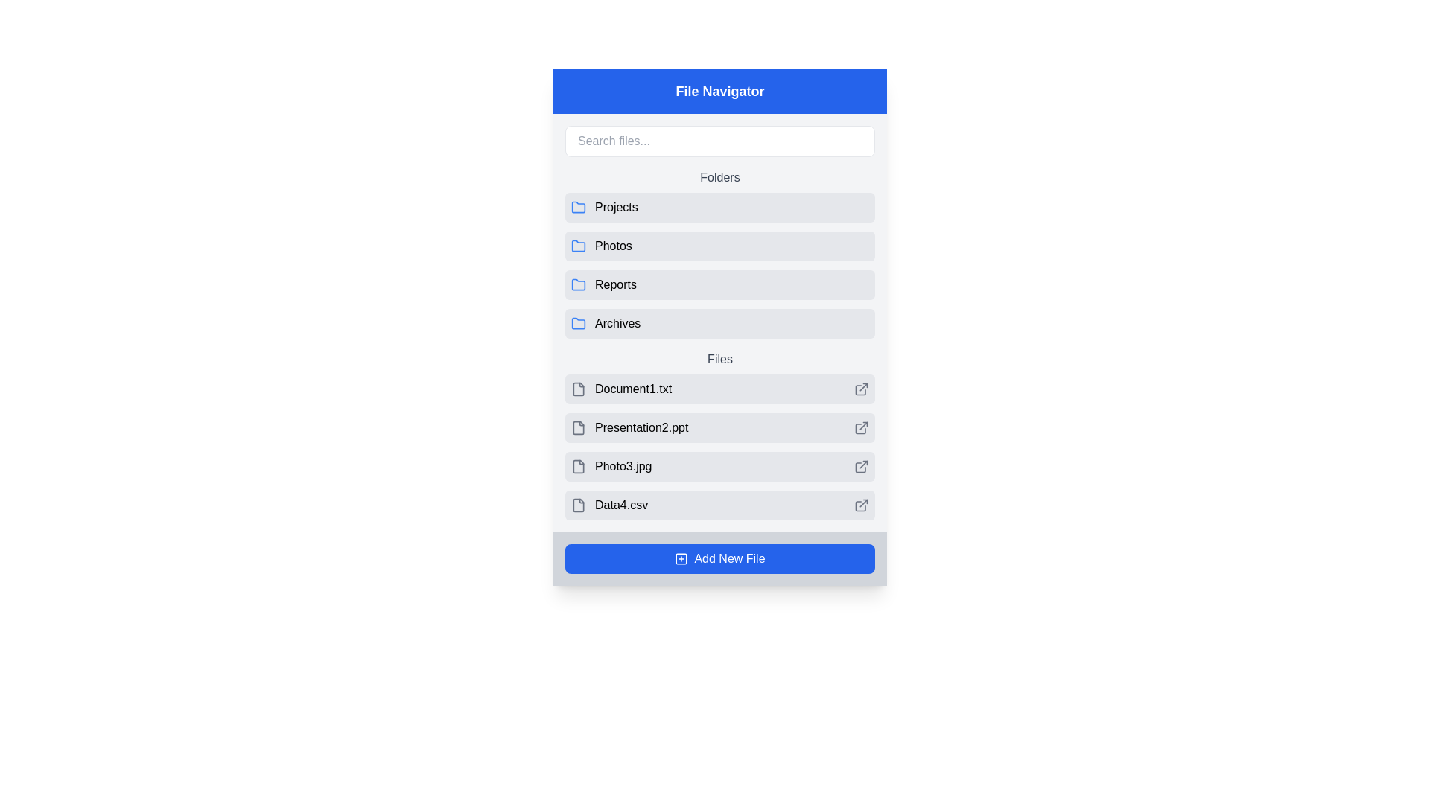  What do you see at coordinates (578, 504) in the screenshot?
I see `the decorative file icon located to the left of the label 'Data4.csv' in the file list section under the 'Files' category` at bounding box center [578, 504].